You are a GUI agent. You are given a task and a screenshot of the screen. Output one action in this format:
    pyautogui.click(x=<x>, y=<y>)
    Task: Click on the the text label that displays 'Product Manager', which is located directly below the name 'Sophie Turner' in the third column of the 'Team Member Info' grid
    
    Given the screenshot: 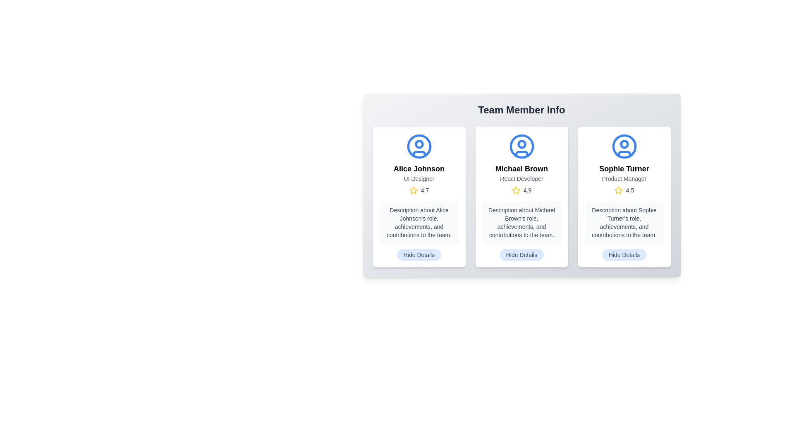 What is the action you would take?
    pyautogui.click(x=624, y=178)
    